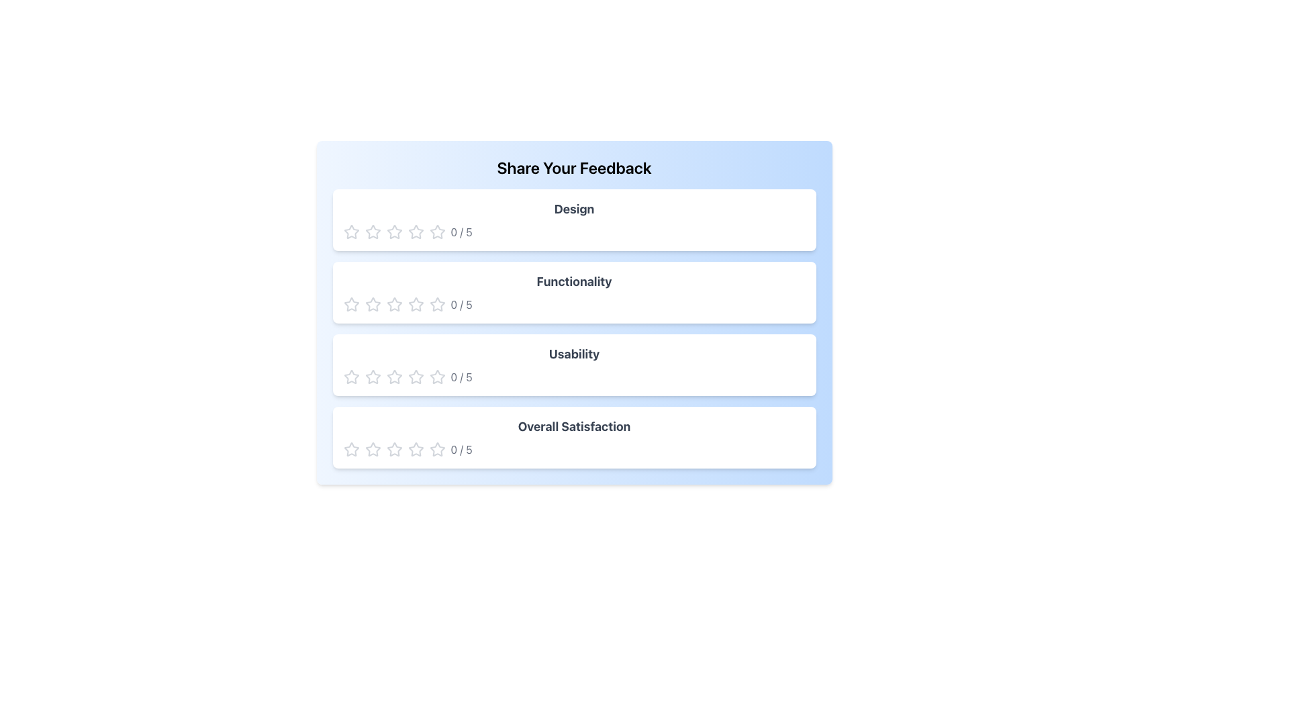 This screenshot has width=1289, height=725. I want to click on the first star icon in the 'Usability' feedback section, so click(351, 377).